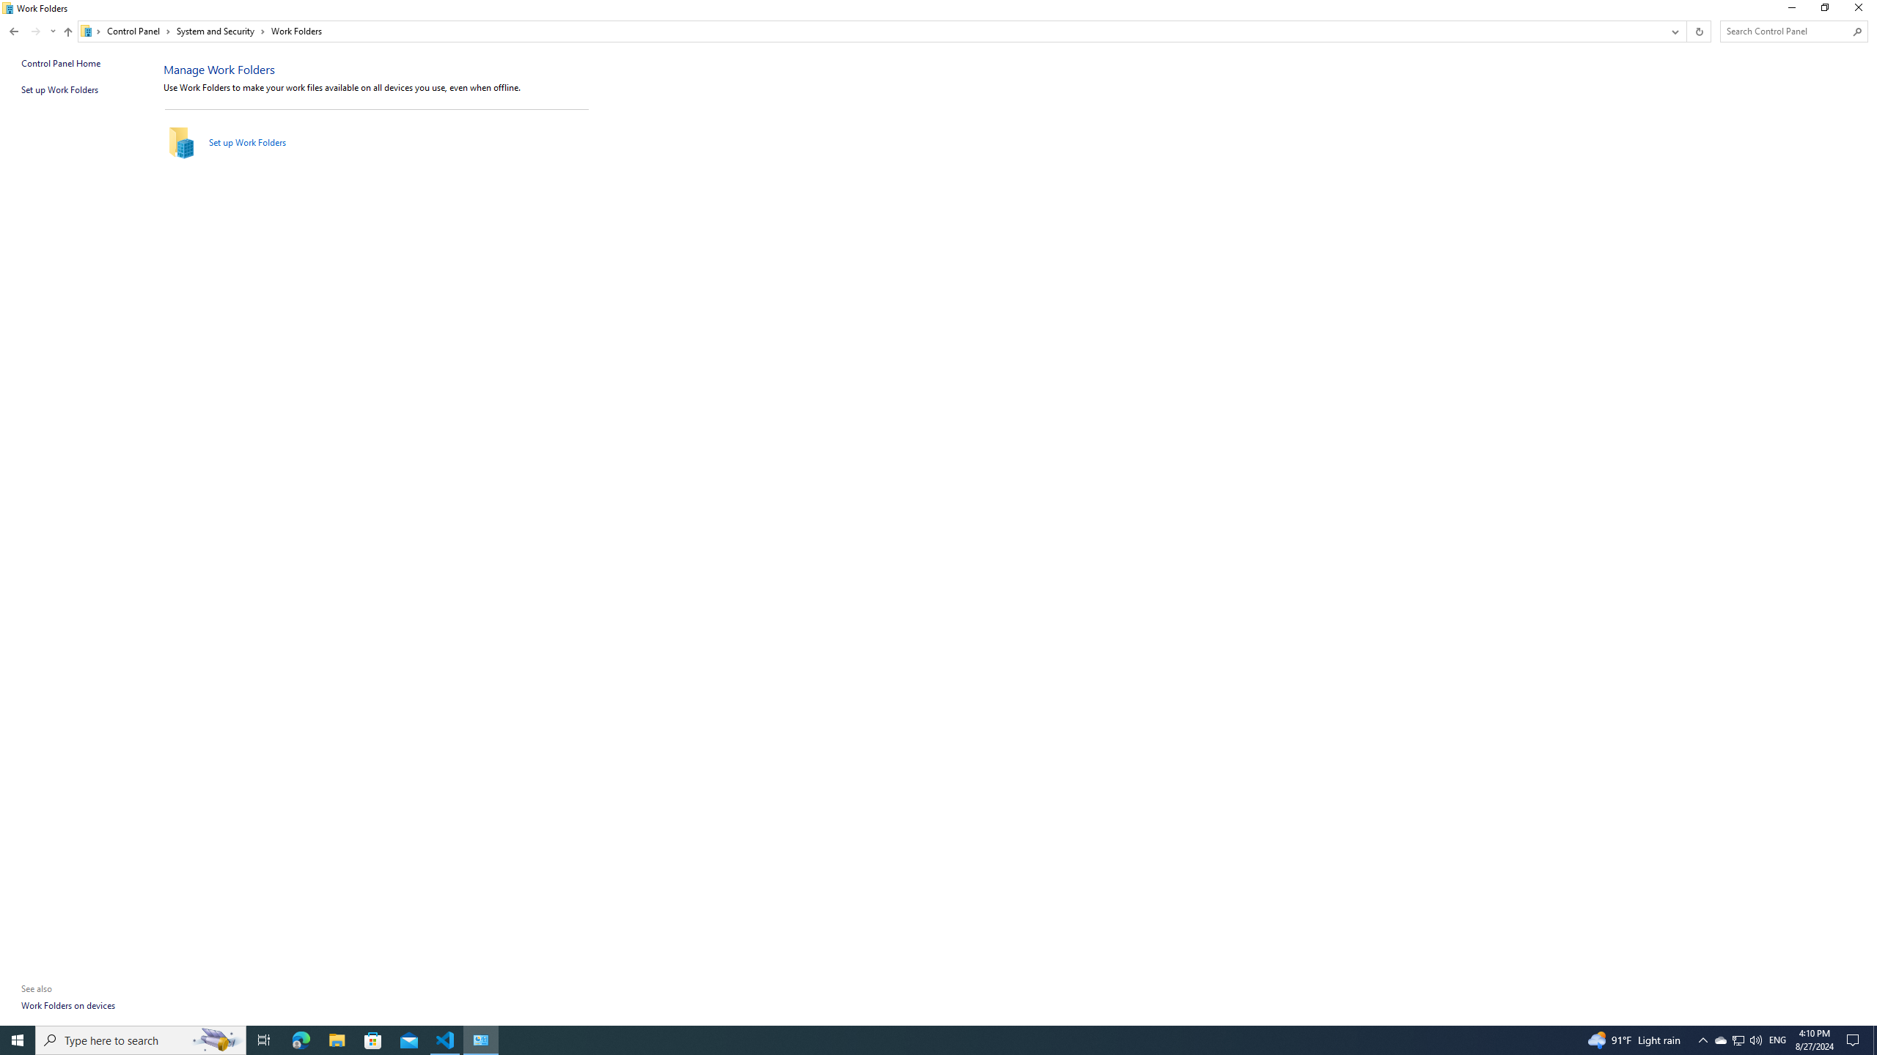 This screenshot has height=1055, width=1877. I want to click on 'Control Panel Home', so click(60, 62).